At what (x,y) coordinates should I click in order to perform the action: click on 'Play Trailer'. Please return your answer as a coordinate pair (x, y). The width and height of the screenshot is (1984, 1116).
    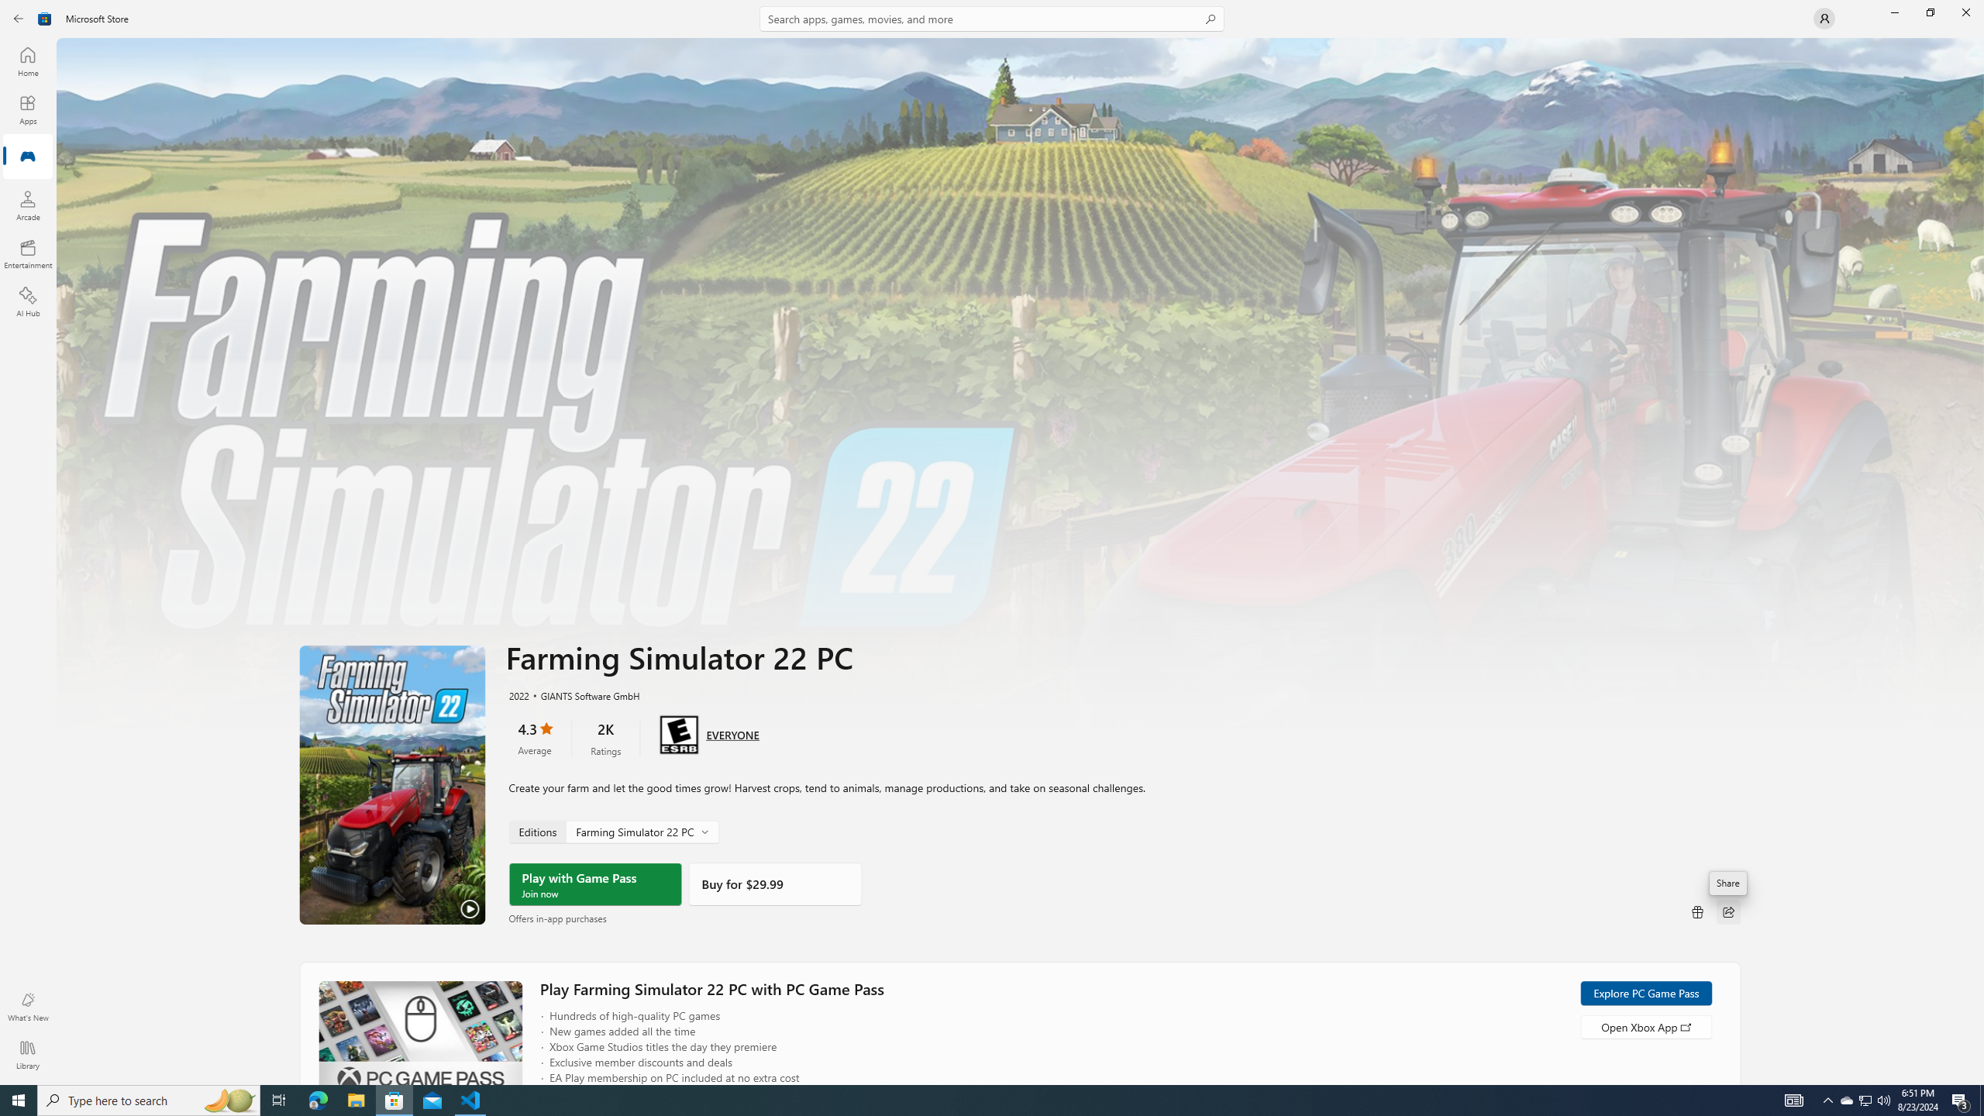
    Looking at the image, I should click on (391, 784).